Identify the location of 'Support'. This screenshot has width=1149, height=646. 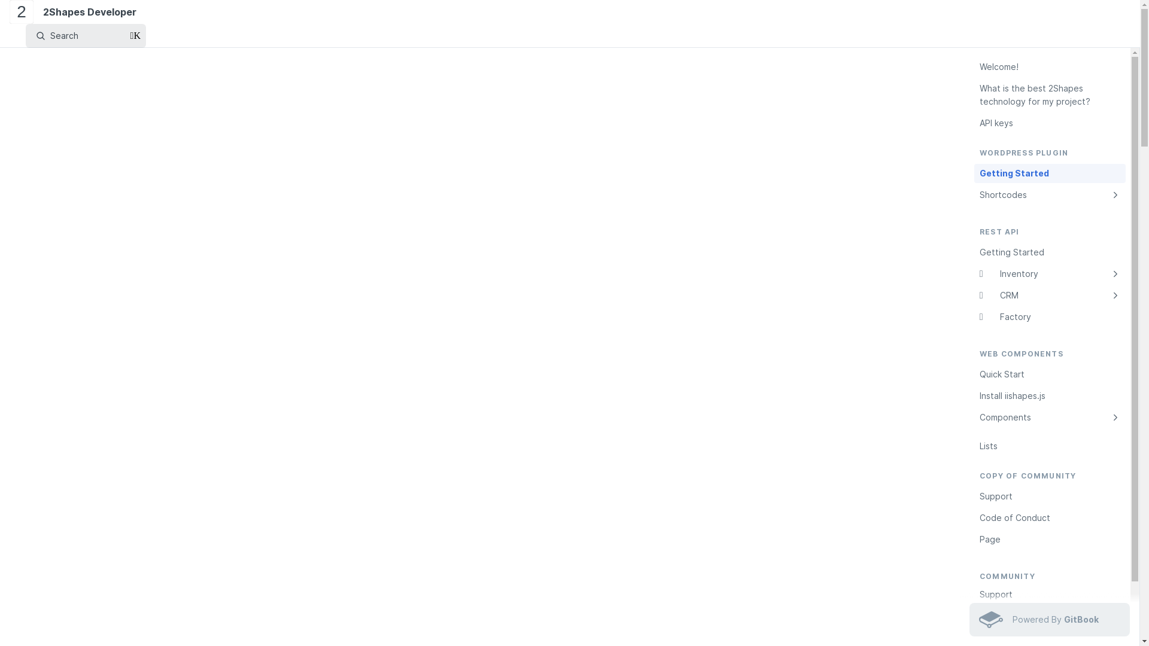
(1049, 595).